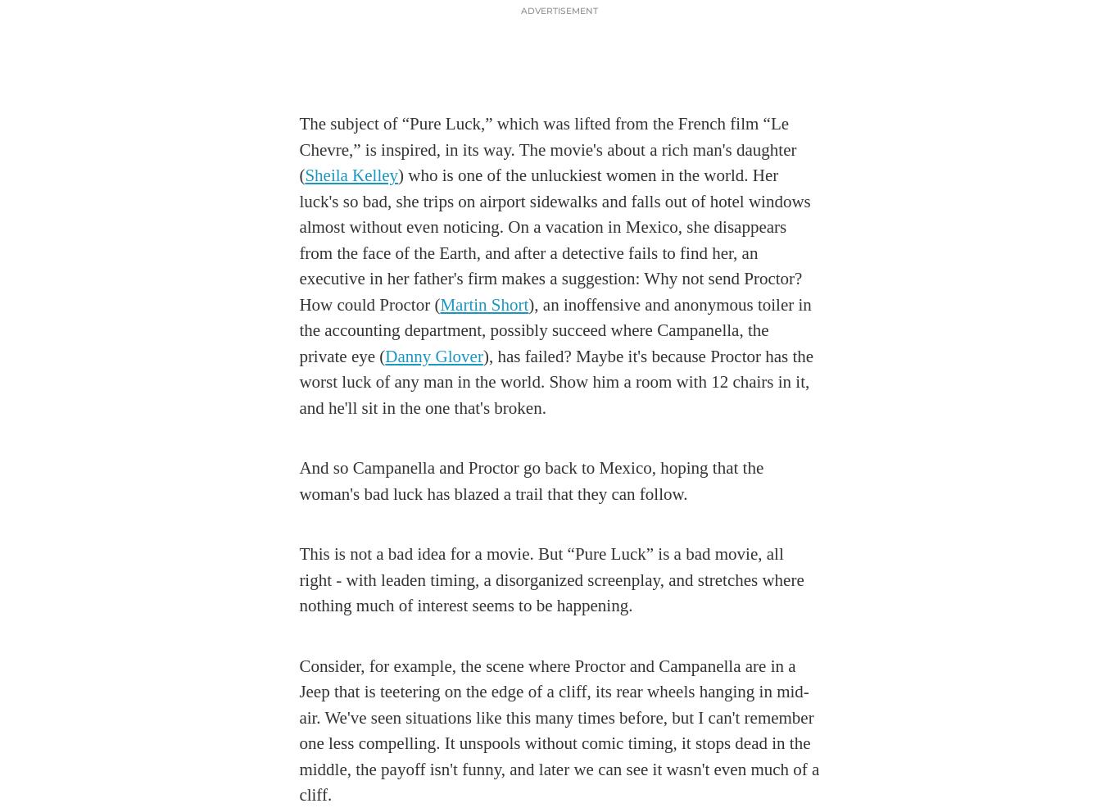 The height and width of the screenshot is (808, 1119). What do you see at coordinates (297, 148) in the screenshot?
I see `'The subject of “Pure Luck,” which was lifted from the French film “Le Chevre,” is inspired, in its way. The movie's about a rich man's daughter ('` at bounding box center [297, 148].